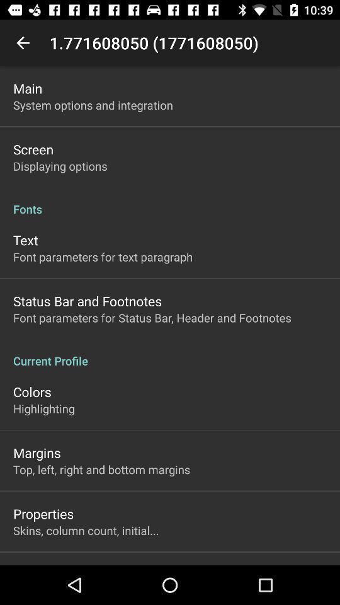  Describe the element at coordinates (23, 43) in the screenshot. I see `app next to 1.771608050 (1771608050) app` at that location.